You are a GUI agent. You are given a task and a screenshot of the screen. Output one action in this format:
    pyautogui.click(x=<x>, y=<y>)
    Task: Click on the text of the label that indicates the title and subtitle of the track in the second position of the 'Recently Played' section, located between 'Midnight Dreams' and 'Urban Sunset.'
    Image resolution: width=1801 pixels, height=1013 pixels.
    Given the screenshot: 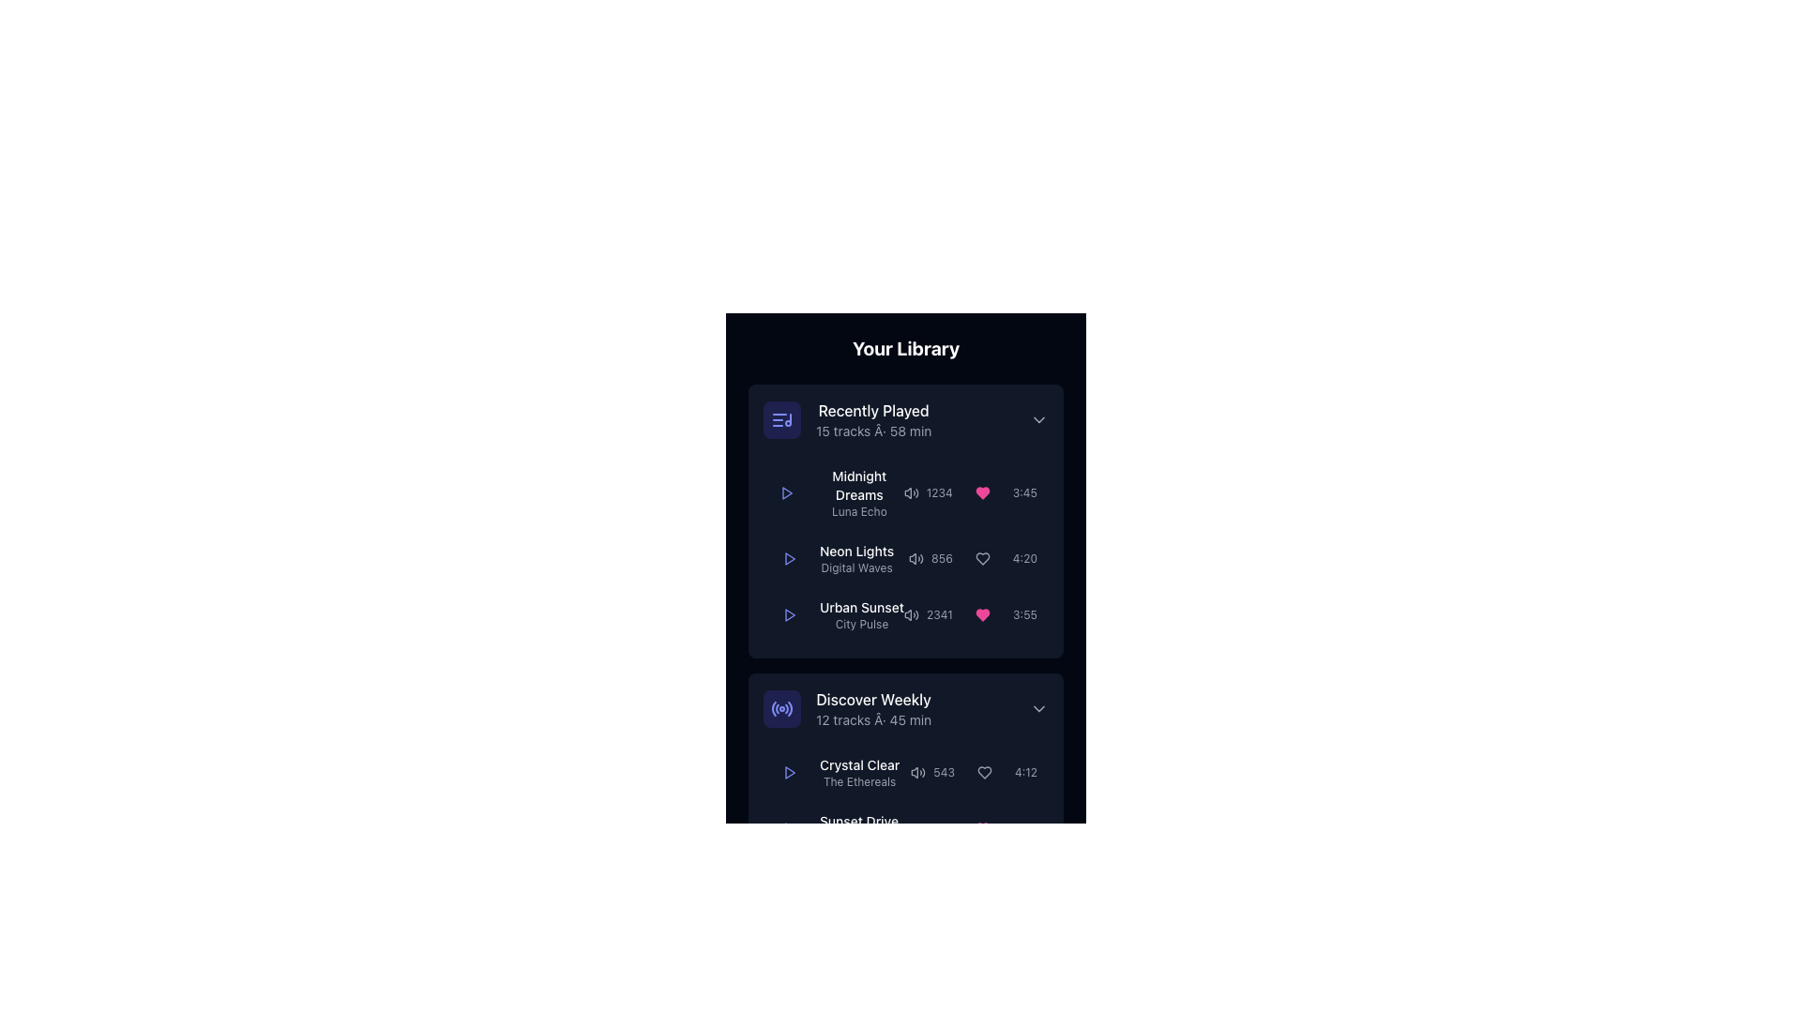 What is the action you would take?
    pyautogui.click(x=833, y=558)
    